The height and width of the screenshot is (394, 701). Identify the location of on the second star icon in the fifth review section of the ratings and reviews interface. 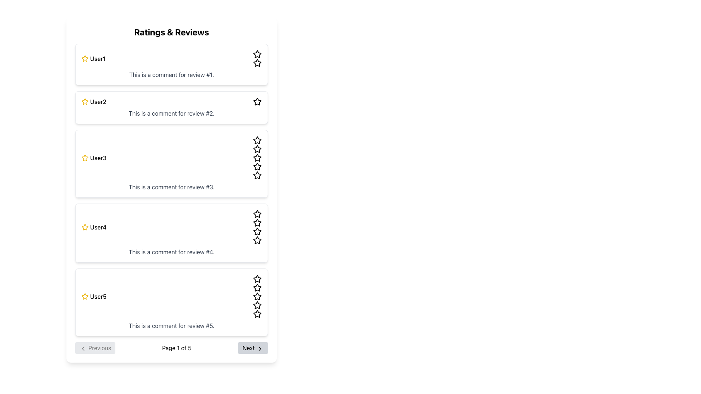
(257, 287).